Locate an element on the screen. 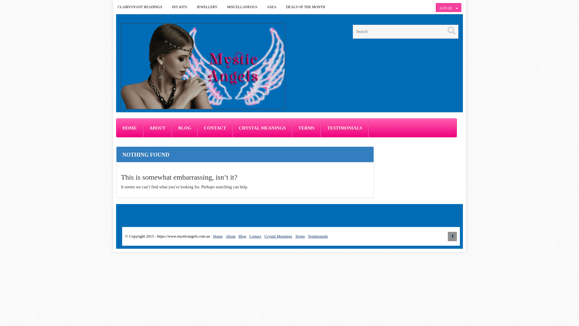 The image size is (579, 326). 'Mystic Angels' is located at coordinates (203, 66).